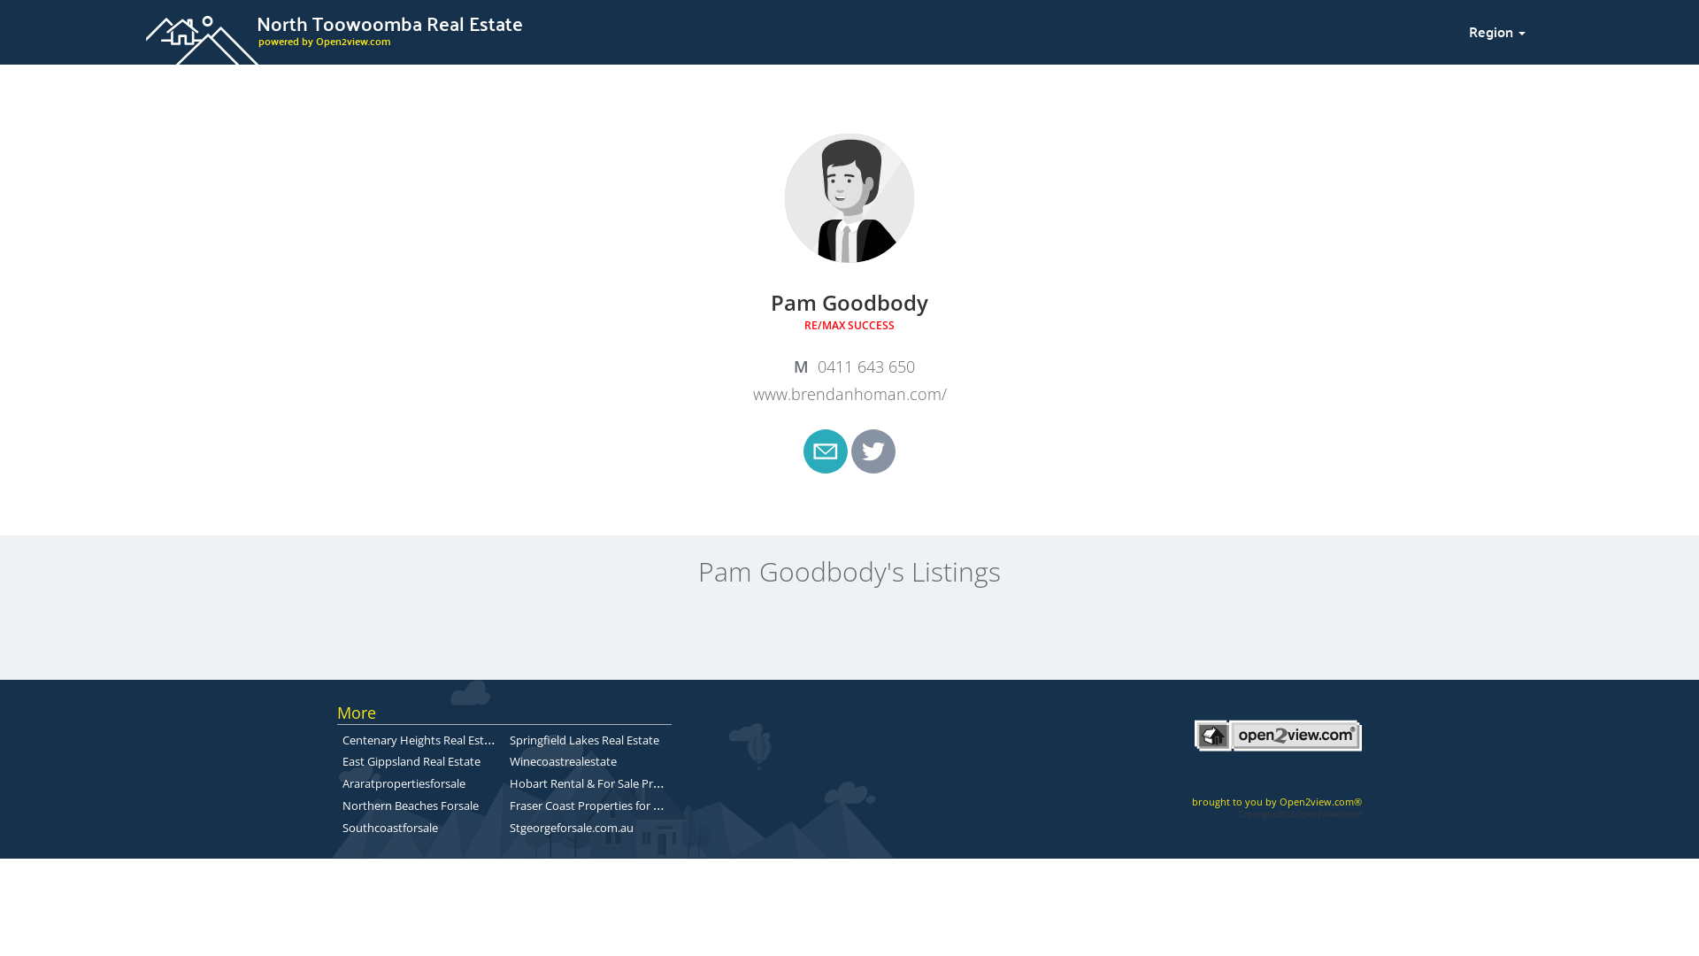 Image resolution: width=1699 pixels, height=956 pixels. I want to click on '0411 643 650', so click(849, 366).